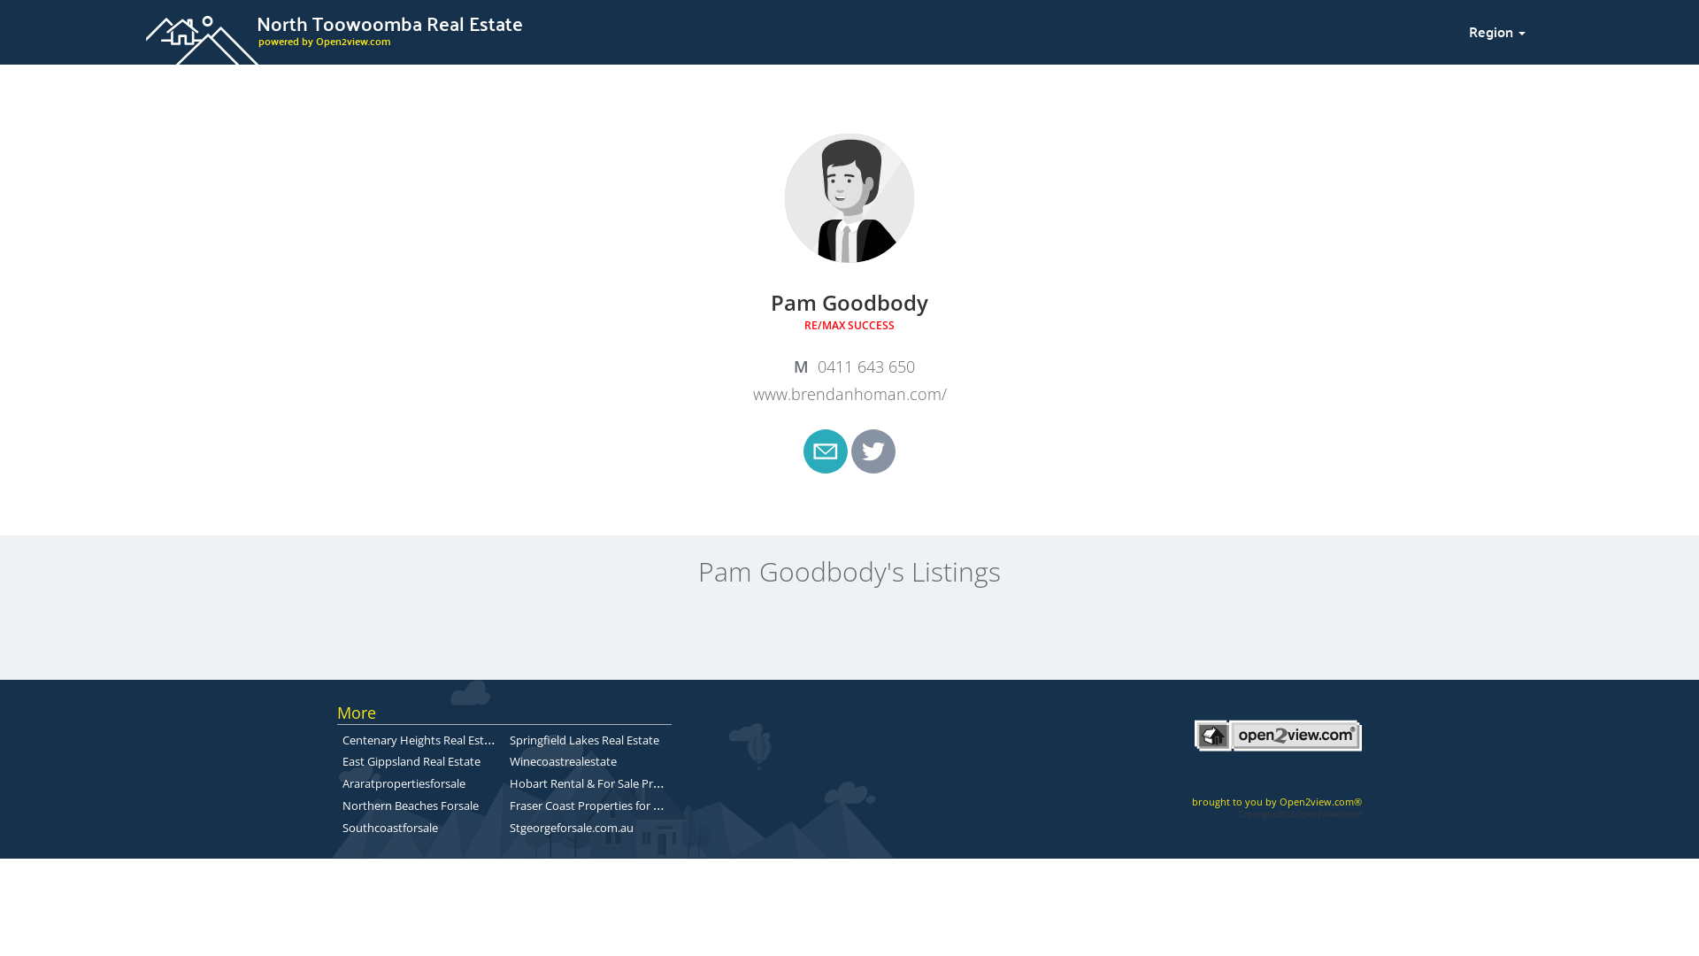 Image resolution: width=1699 pixels, height=956 pixels. I want to click on '0411 643 650', so click(849, 366).